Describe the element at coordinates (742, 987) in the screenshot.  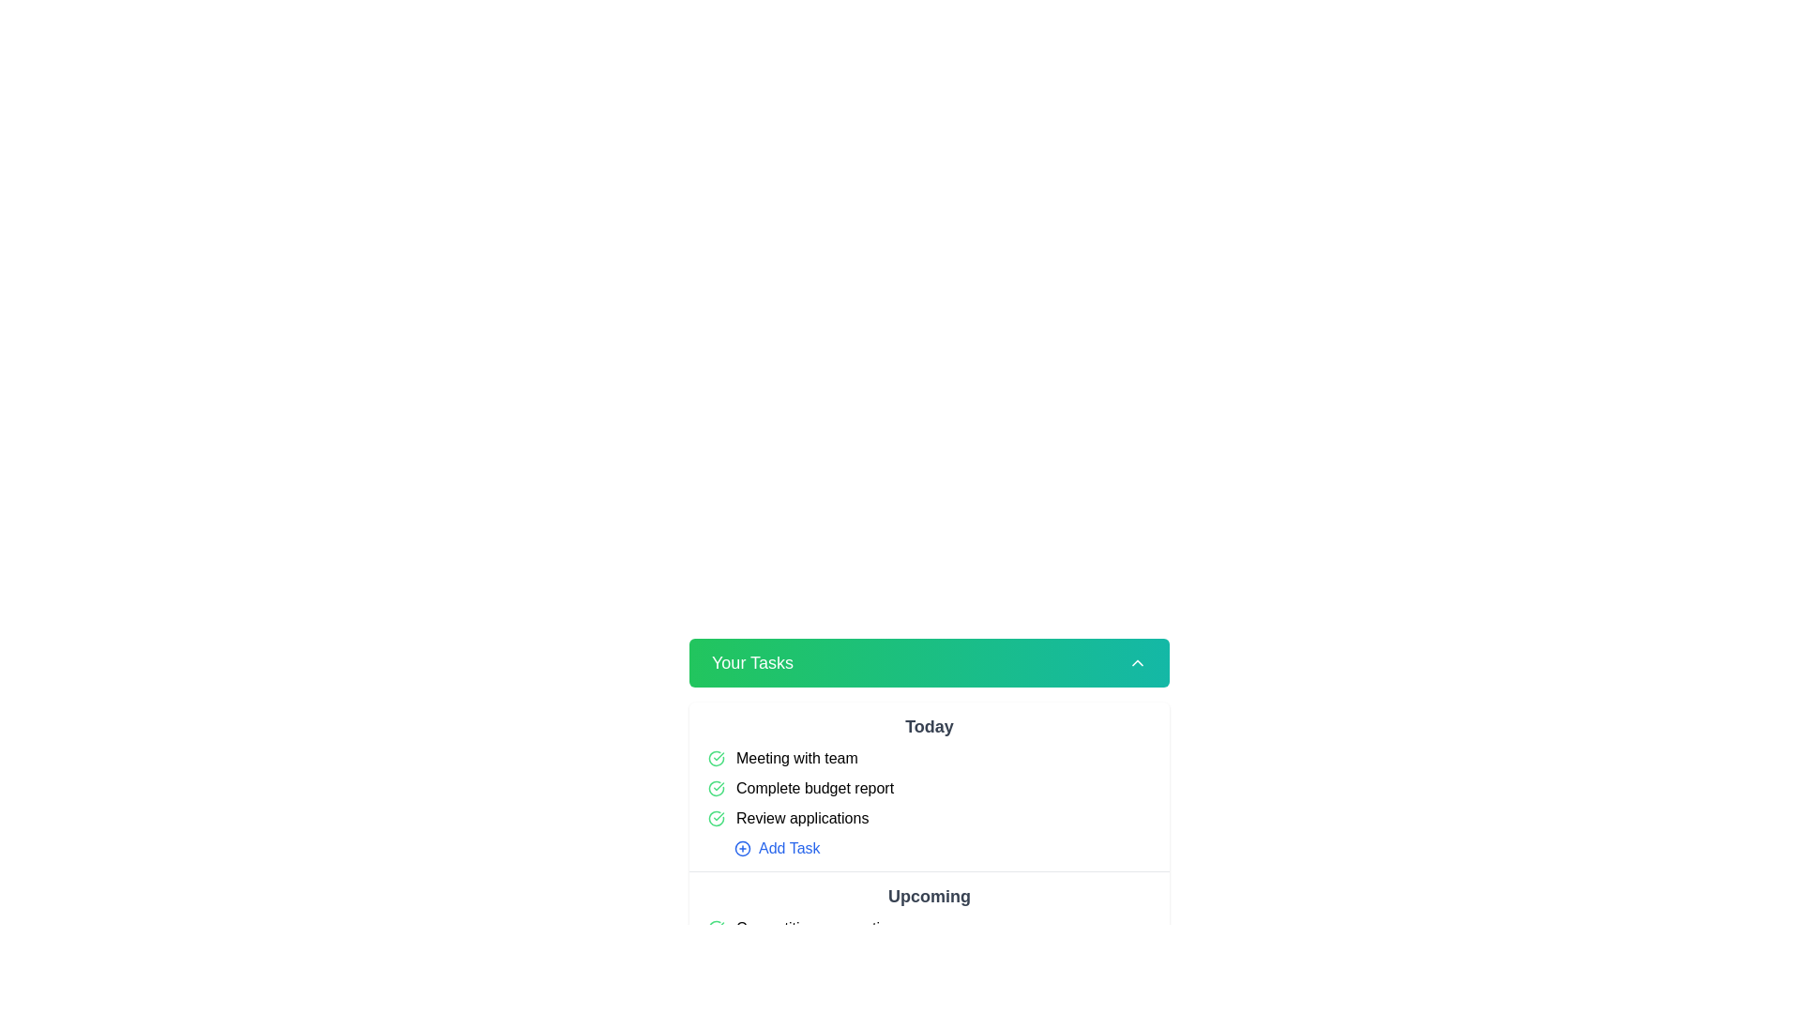
I see `the circular button icon with a plus symbol, located to the left of the 'Add Task' text, for keyboard interaction` at that location.